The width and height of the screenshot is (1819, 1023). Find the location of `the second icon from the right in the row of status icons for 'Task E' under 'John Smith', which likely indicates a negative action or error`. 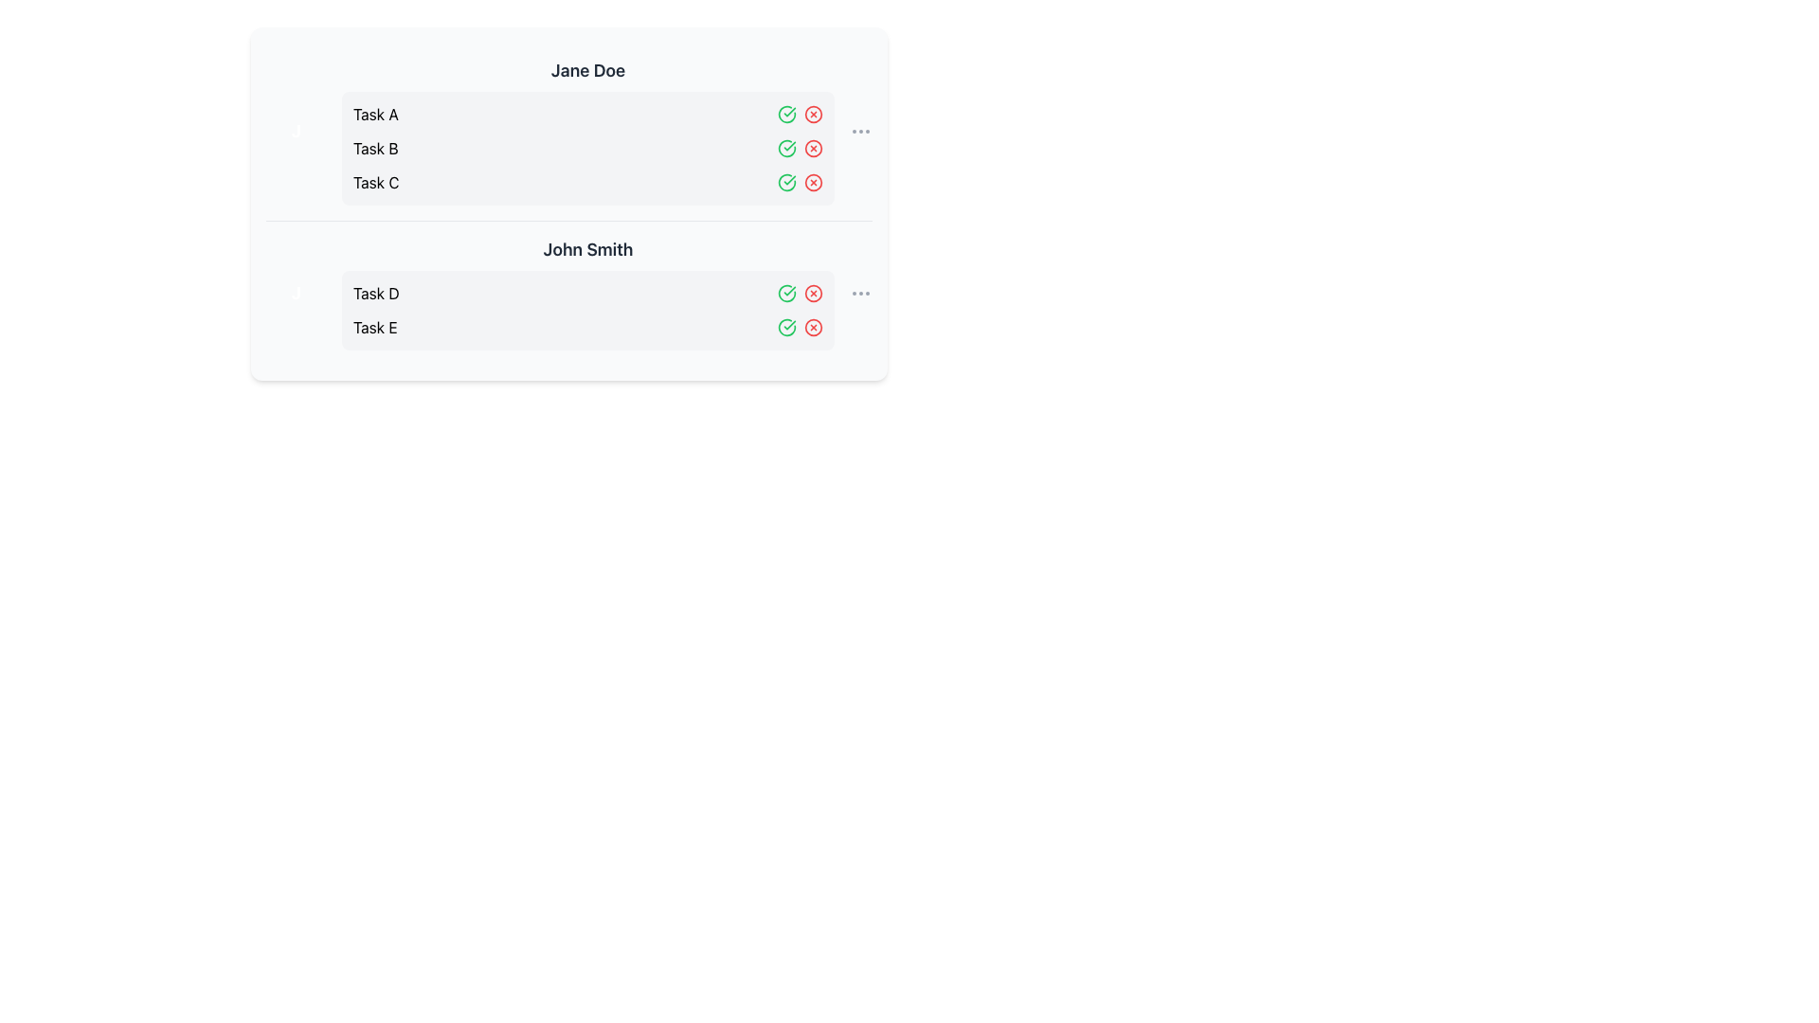

the second icon from the right in the row of status icons for 'Task E' under 'John Smith', which likely indicates a negative action or error is located at coordinates (814, 327).